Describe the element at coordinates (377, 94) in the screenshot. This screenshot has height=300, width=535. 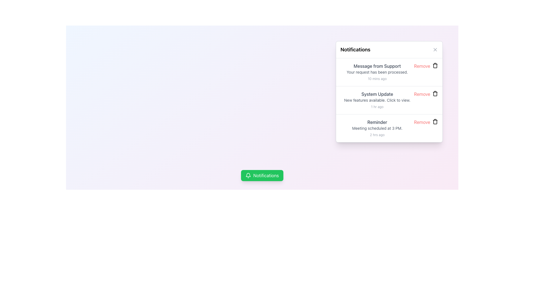
I see `the text label indicating the subject or title of the notification message located in the second notification entry below 'Message from Support' and above 'Reminder'` at that location.